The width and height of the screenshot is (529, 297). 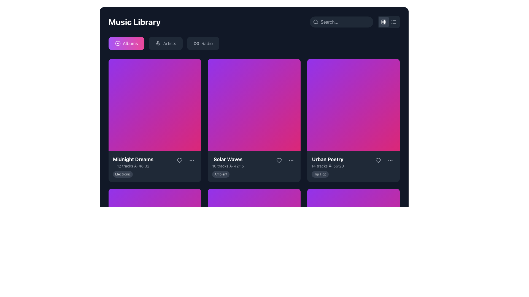 I want to click on the heart-shaped icon located at the bottom right corner of the 'Solar Waves' album card, so click(x=279, y=161).